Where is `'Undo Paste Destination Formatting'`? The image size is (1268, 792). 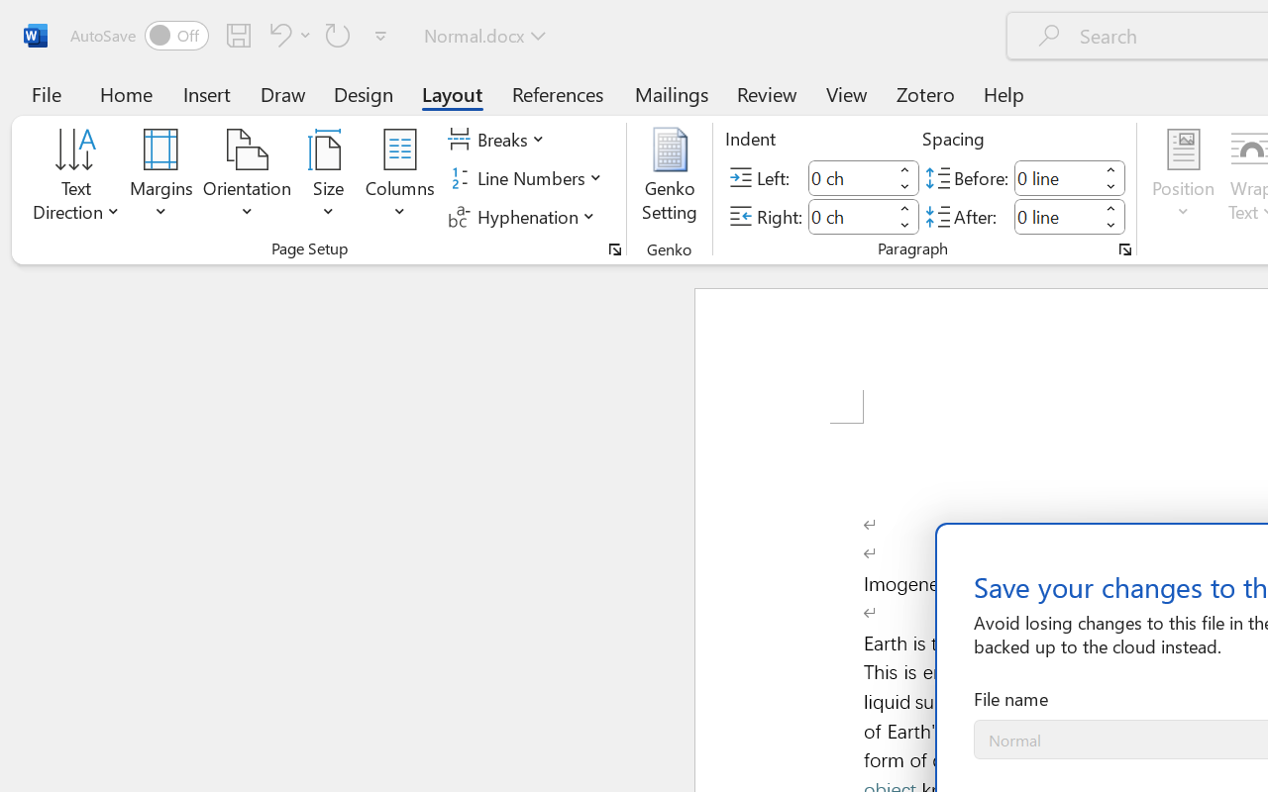
'Undo Paste Destination Formatting' is located at coordinates (276, 34).